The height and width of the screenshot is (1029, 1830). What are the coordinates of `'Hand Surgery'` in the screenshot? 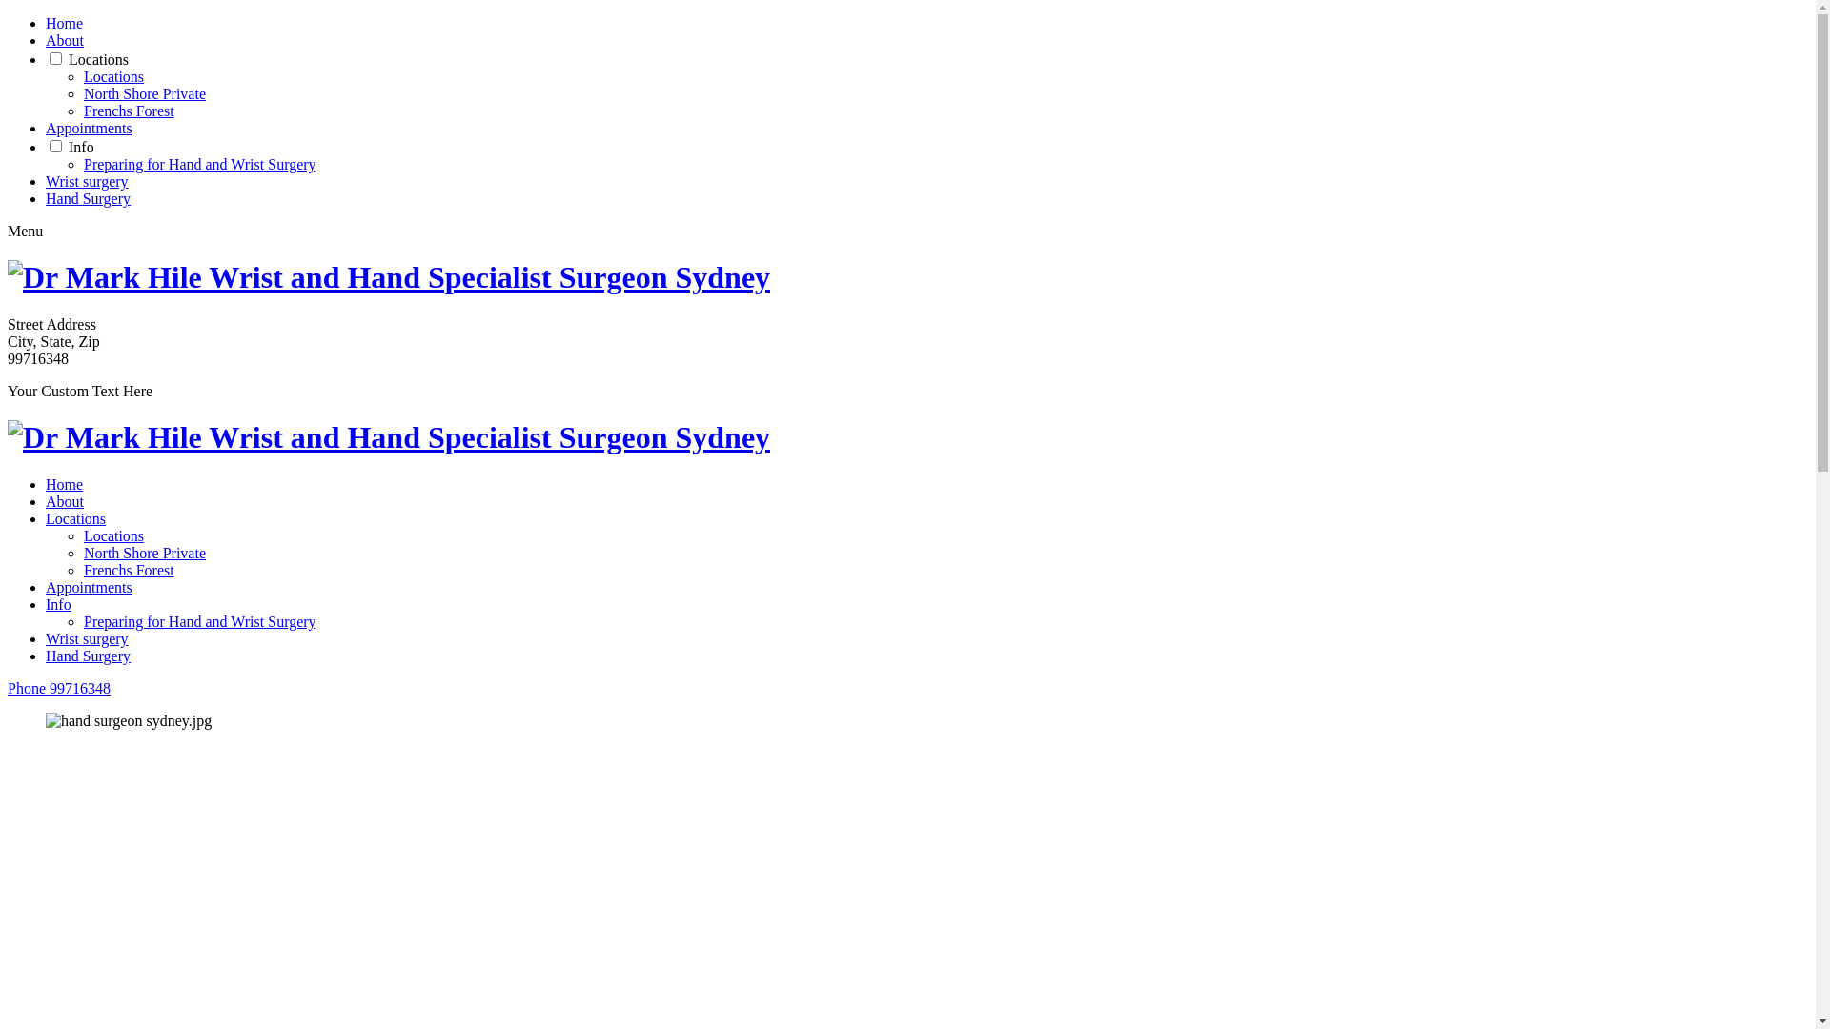 It's located at (46, 198).